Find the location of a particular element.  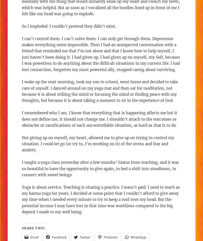

'I woke up the next morning, took my son to school, went home and decided to take care of myself. I danced around on my yoga mat and then sat for meditation, not because it is about stilling the mind or focusing the mind or finding peace with my thoughts, but because it is about taking a moment to sit in the experience of God.' is located at coordinates (99, 91).